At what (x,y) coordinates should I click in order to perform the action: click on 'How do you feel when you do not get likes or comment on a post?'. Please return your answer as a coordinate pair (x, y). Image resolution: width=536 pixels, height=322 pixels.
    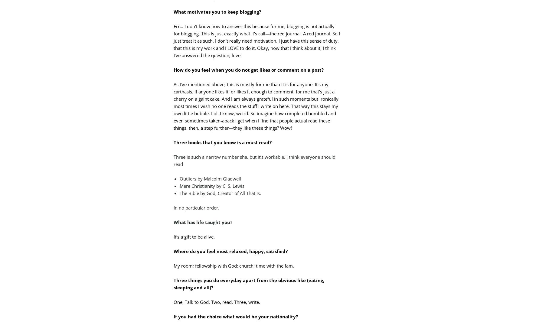
    Looking at the image, I should click on (249, 69).